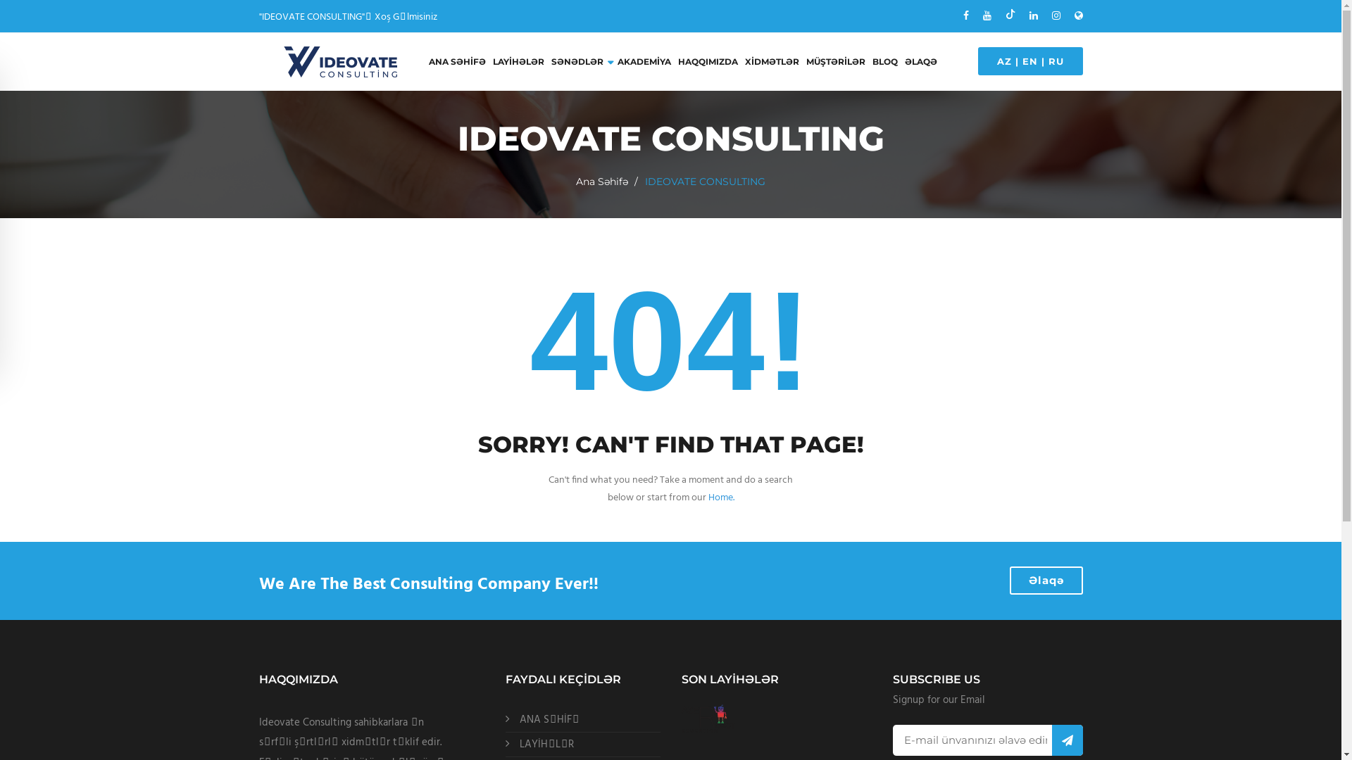 The height and width of the screenshot is (760, 1352). I want to click on 'tiktok', so click(1005, 15).